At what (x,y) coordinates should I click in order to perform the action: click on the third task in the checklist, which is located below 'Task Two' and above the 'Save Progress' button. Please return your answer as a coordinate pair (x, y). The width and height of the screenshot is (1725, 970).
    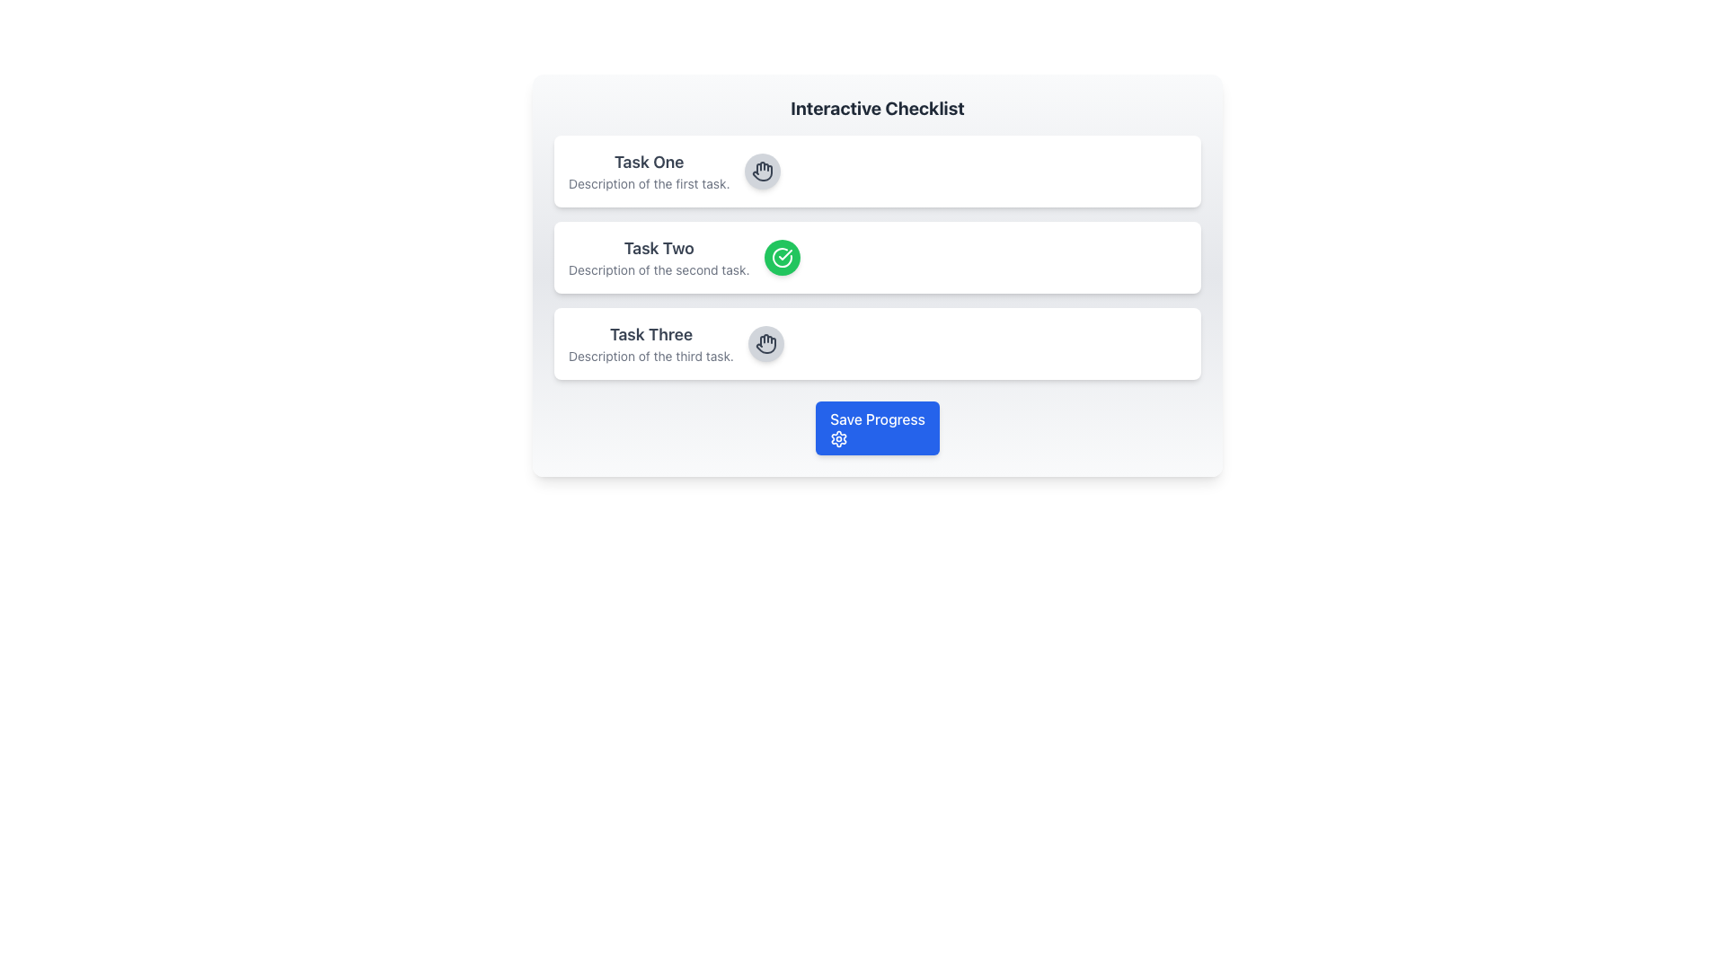
    Looking at the image, I should click on (650, 343).